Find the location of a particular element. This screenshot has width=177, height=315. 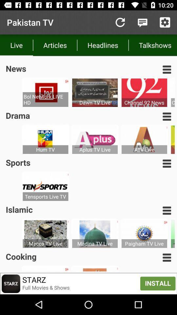

more button of the same catergory is located at coordinates (167, 257).